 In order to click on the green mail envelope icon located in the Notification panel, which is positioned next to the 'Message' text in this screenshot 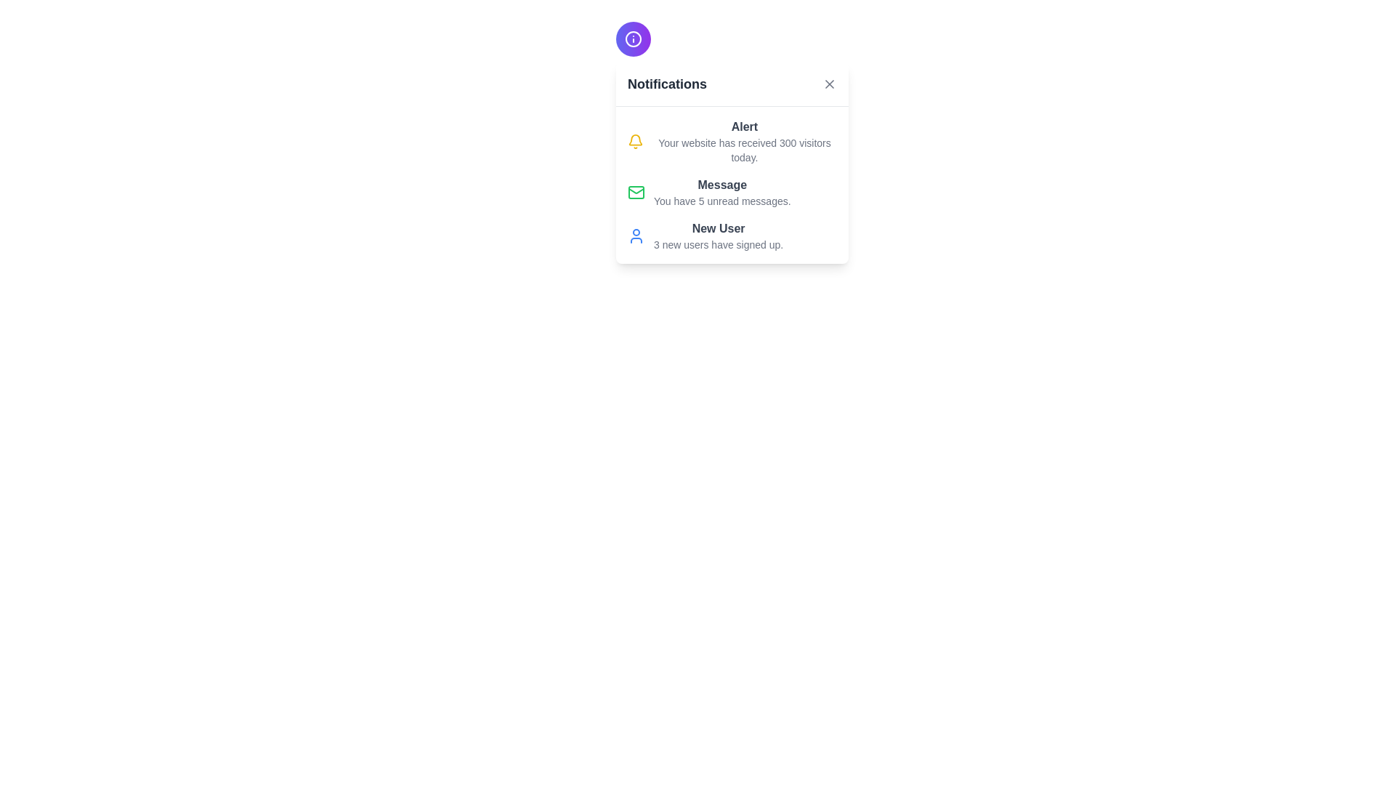, I will do `click(636, 192)`.